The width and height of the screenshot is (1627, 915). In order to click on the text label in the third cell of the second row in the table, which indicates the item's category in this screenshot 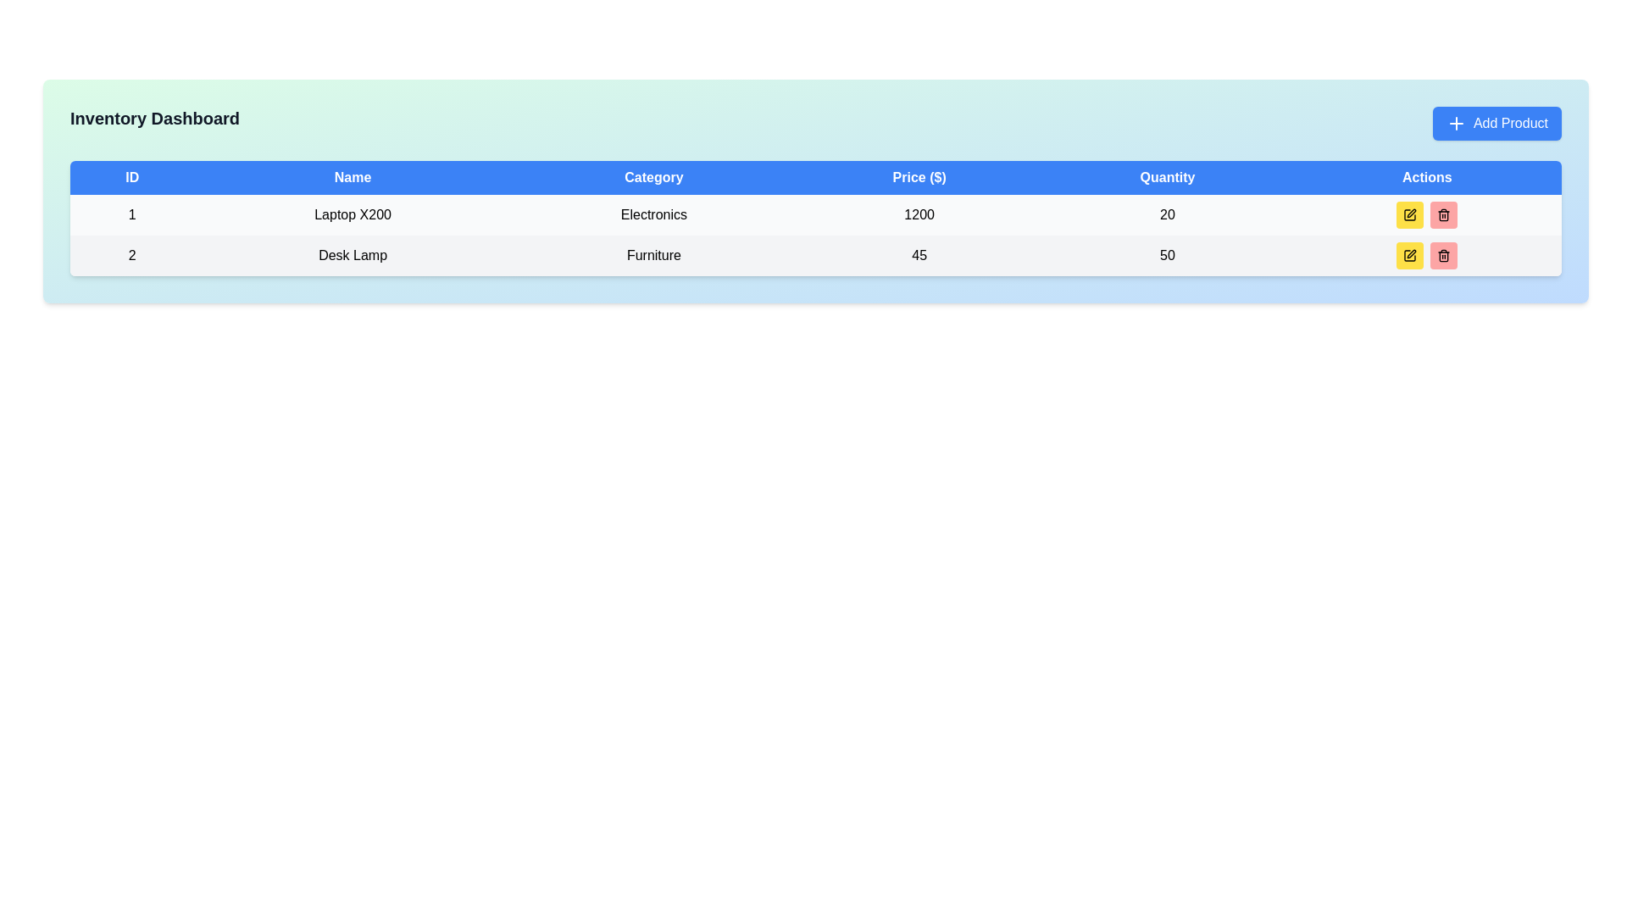, I will do `click(652, 255)`.